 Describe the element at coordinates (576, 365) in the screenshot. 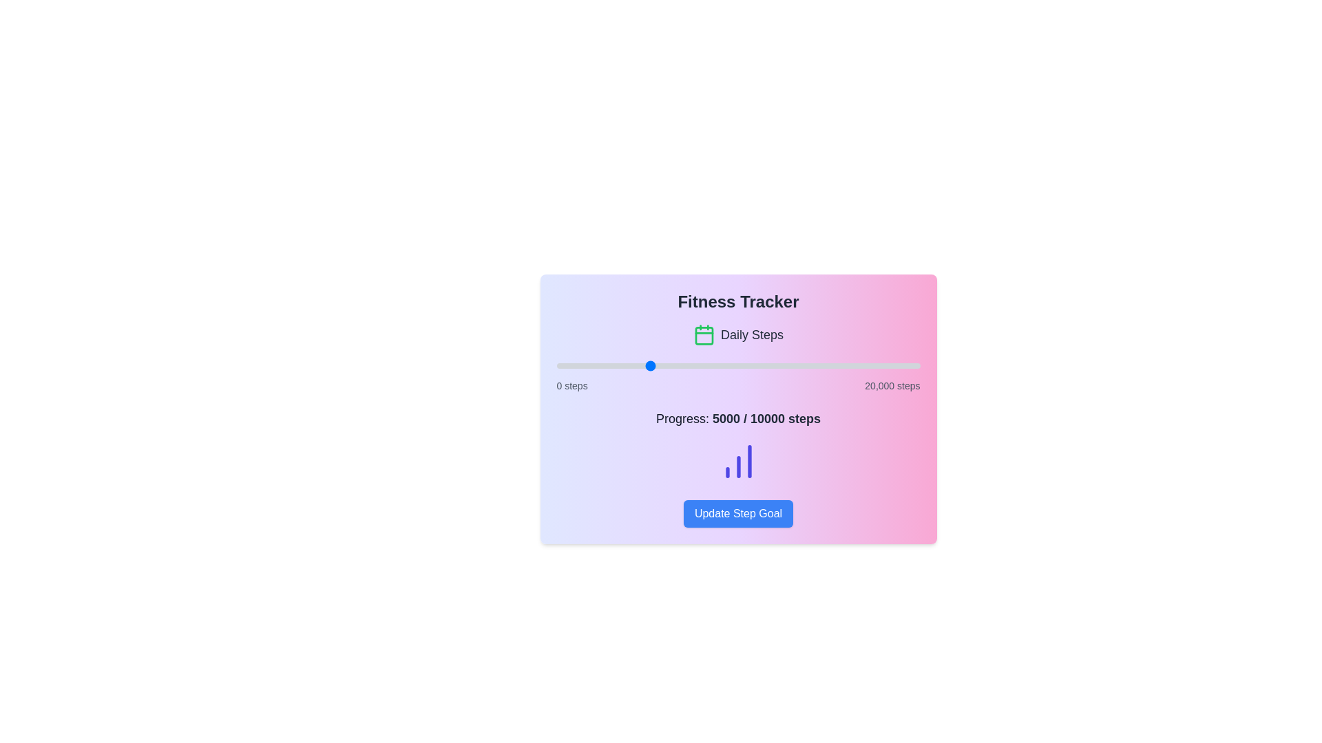

I see `the step progress slider to set the step count to 1088` at that location.